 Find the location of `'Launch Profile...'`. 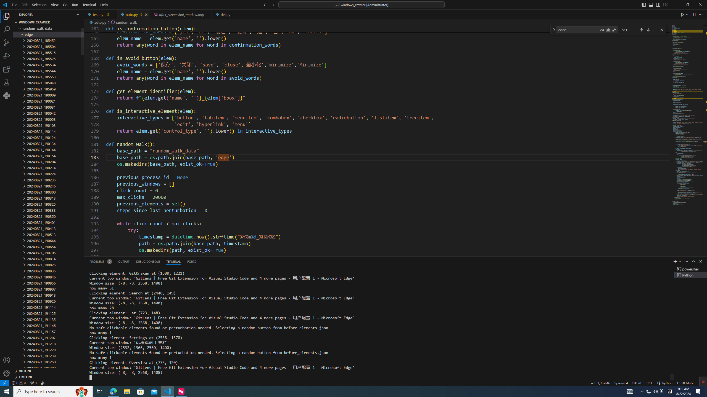

'Launch Profile...' is located at coordinates (680, 261).